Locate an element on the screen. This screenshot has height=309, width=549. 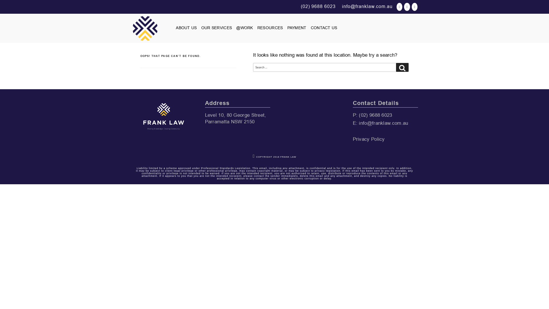
'RESOURCES' is located at coordinates (270, 28).